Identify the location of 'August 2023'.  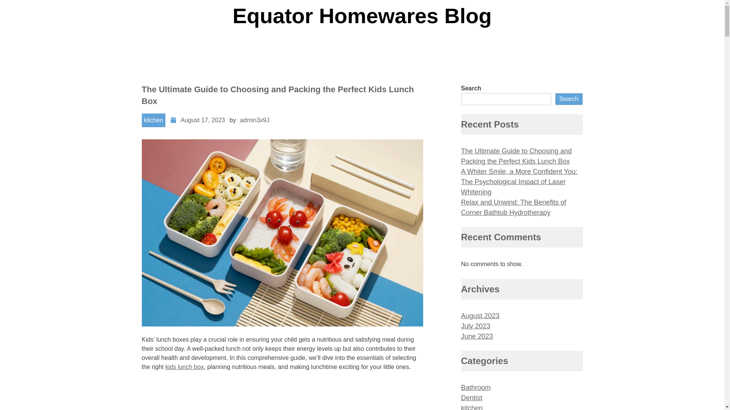
(460, 316).